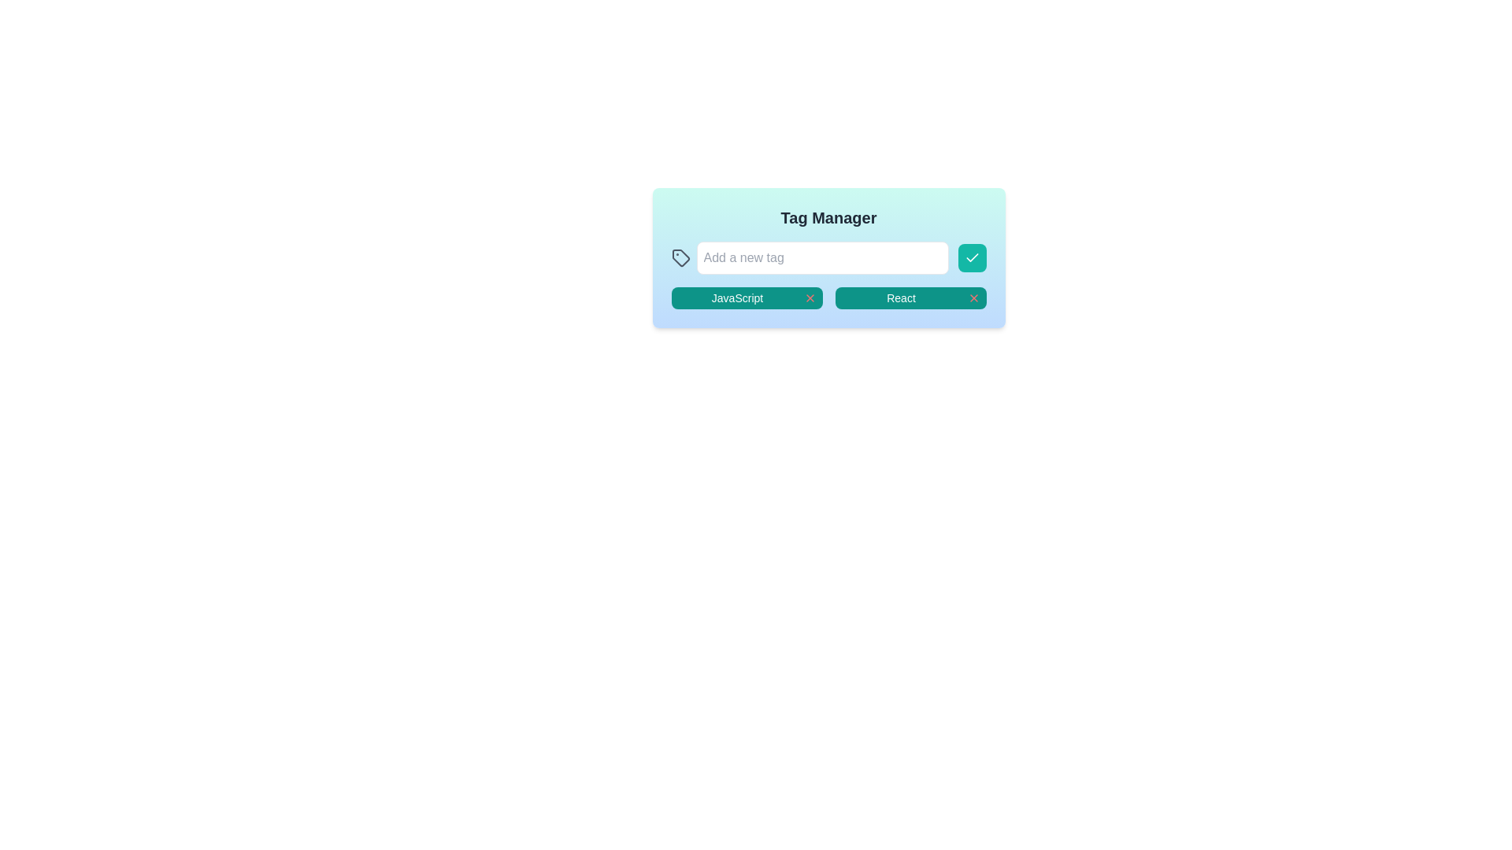 The image size is (1512, 850). Describe the element at coordinates (680, 257) in the screenshot. I see `the tag icon with a gray stroke located to the immediate left of the text input field labeled 'Add a new tag'` at that location.